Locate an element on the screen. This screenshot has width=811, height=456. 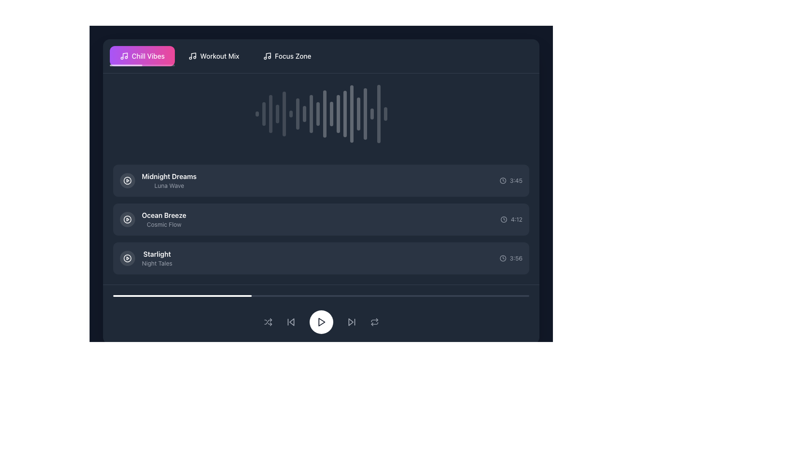
the 18th vertical bar in the waveform display representing audio amplitude or frequency is located at coordinates (372, 114).